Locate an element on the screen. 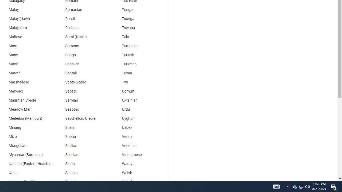 The height and width of the screenshot is (192, 342). 'Twi' is located at coordinates (140, 82).